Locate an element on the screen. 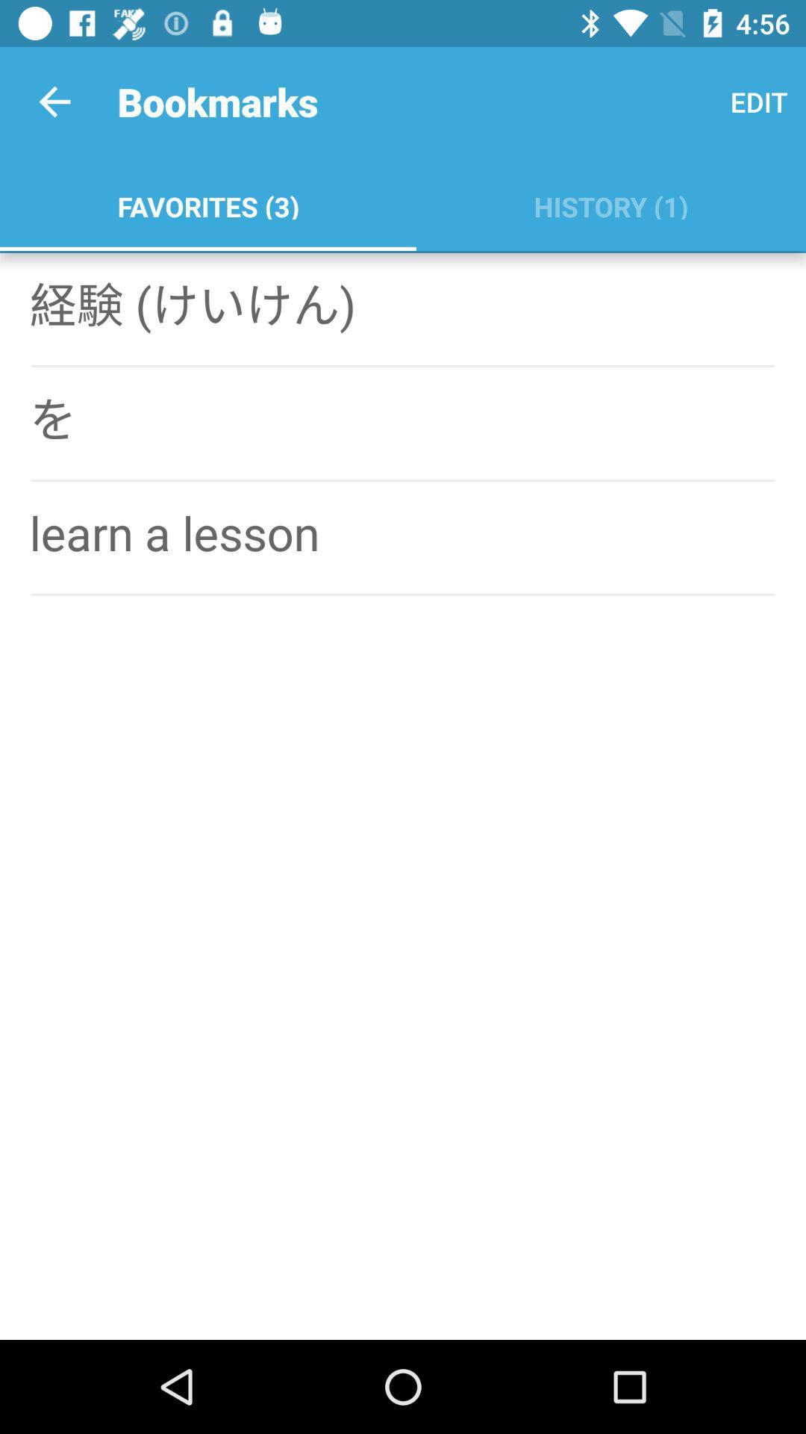 This screenshot has width=806, height=1434. the icon below the edit item is located at coordinates (610, 203).